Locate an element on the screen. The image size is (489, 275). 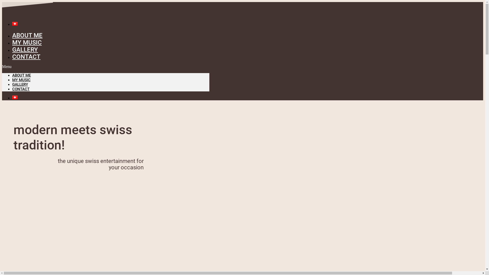
'ABOUT ME' is located at coordinates (12, 75).